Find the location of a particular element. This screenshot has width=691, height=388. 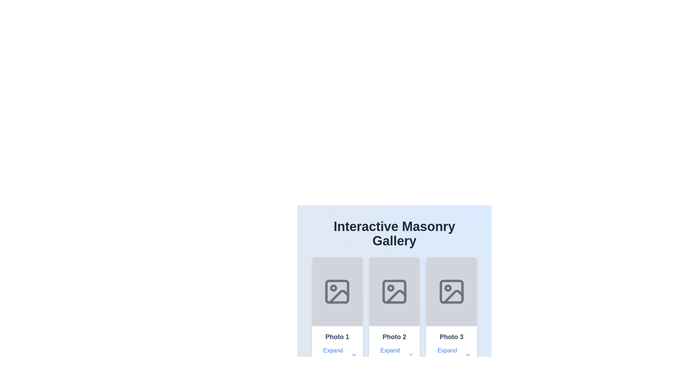

the SVG Placeholder Icon located centrally within the first card labeled 'Photo 1' is located at coordinates (337, 292).